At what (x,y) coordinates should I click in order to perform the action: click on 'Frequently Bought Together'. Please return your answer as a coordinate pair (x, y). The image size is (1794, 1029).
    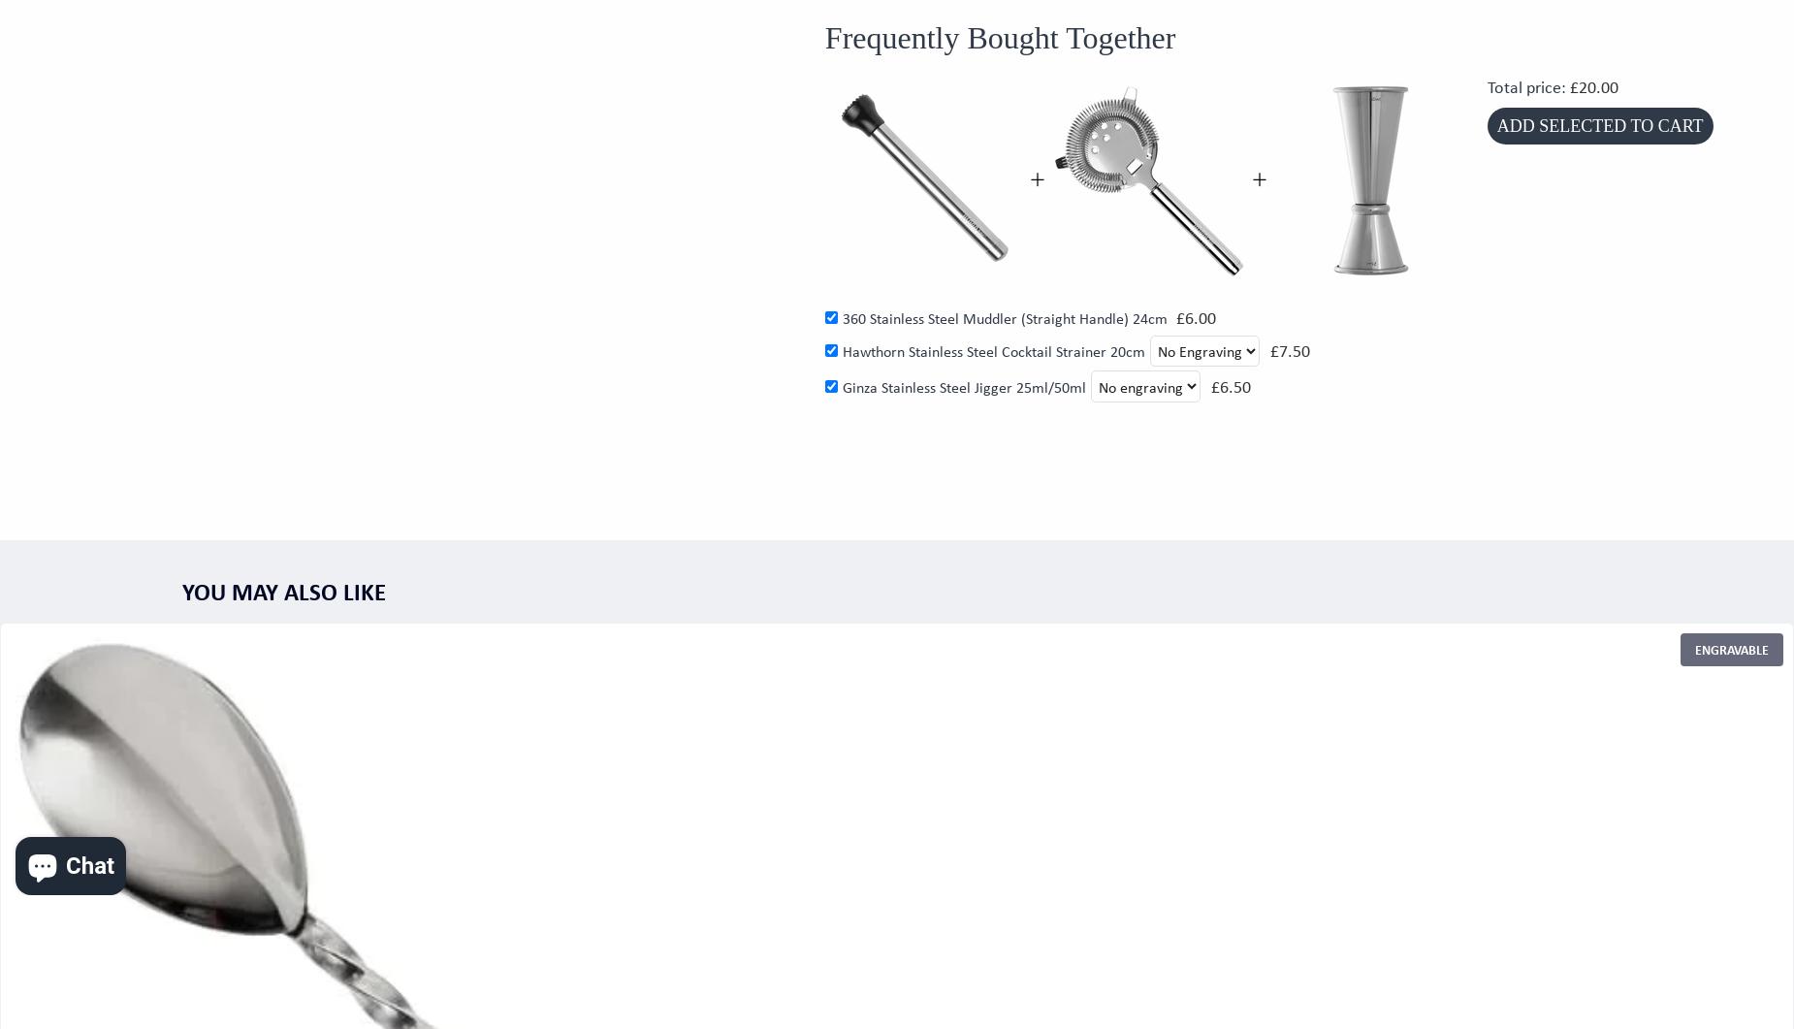
    Looking at the image, I should click on (999, 38).